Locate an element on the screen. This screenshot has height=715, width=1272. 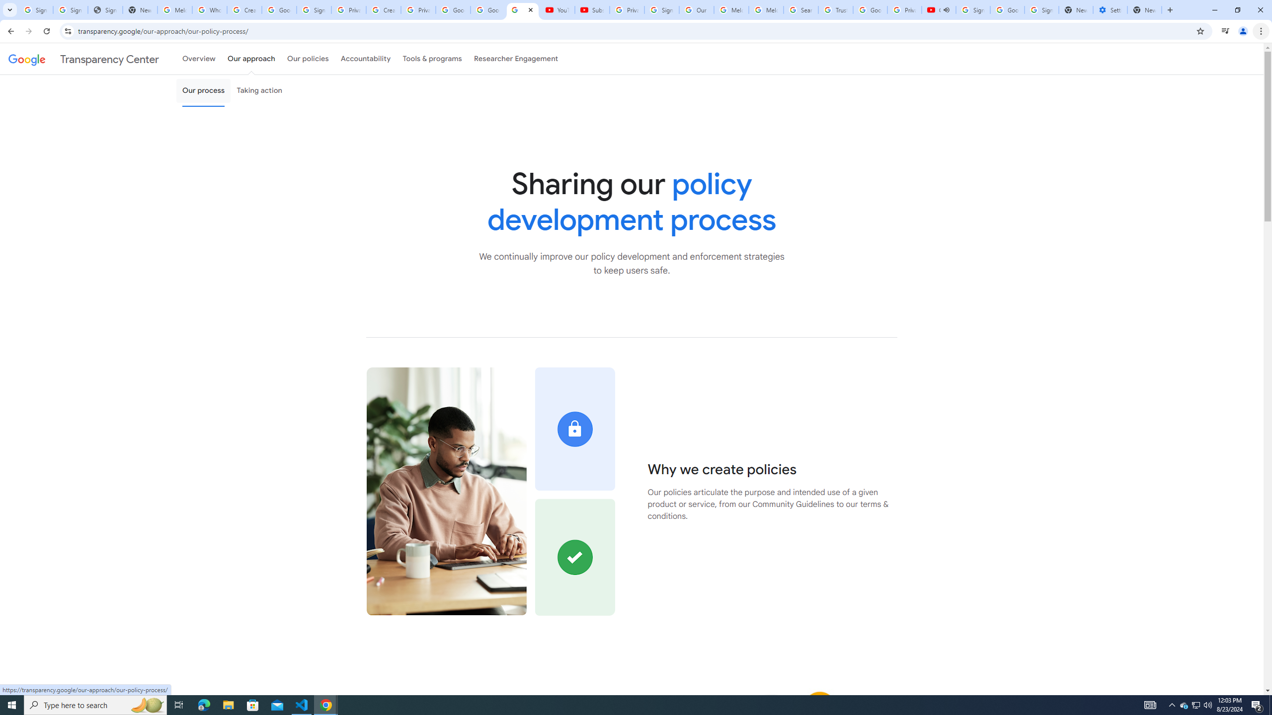
'Taking action' is located at coordinates (259, 90).